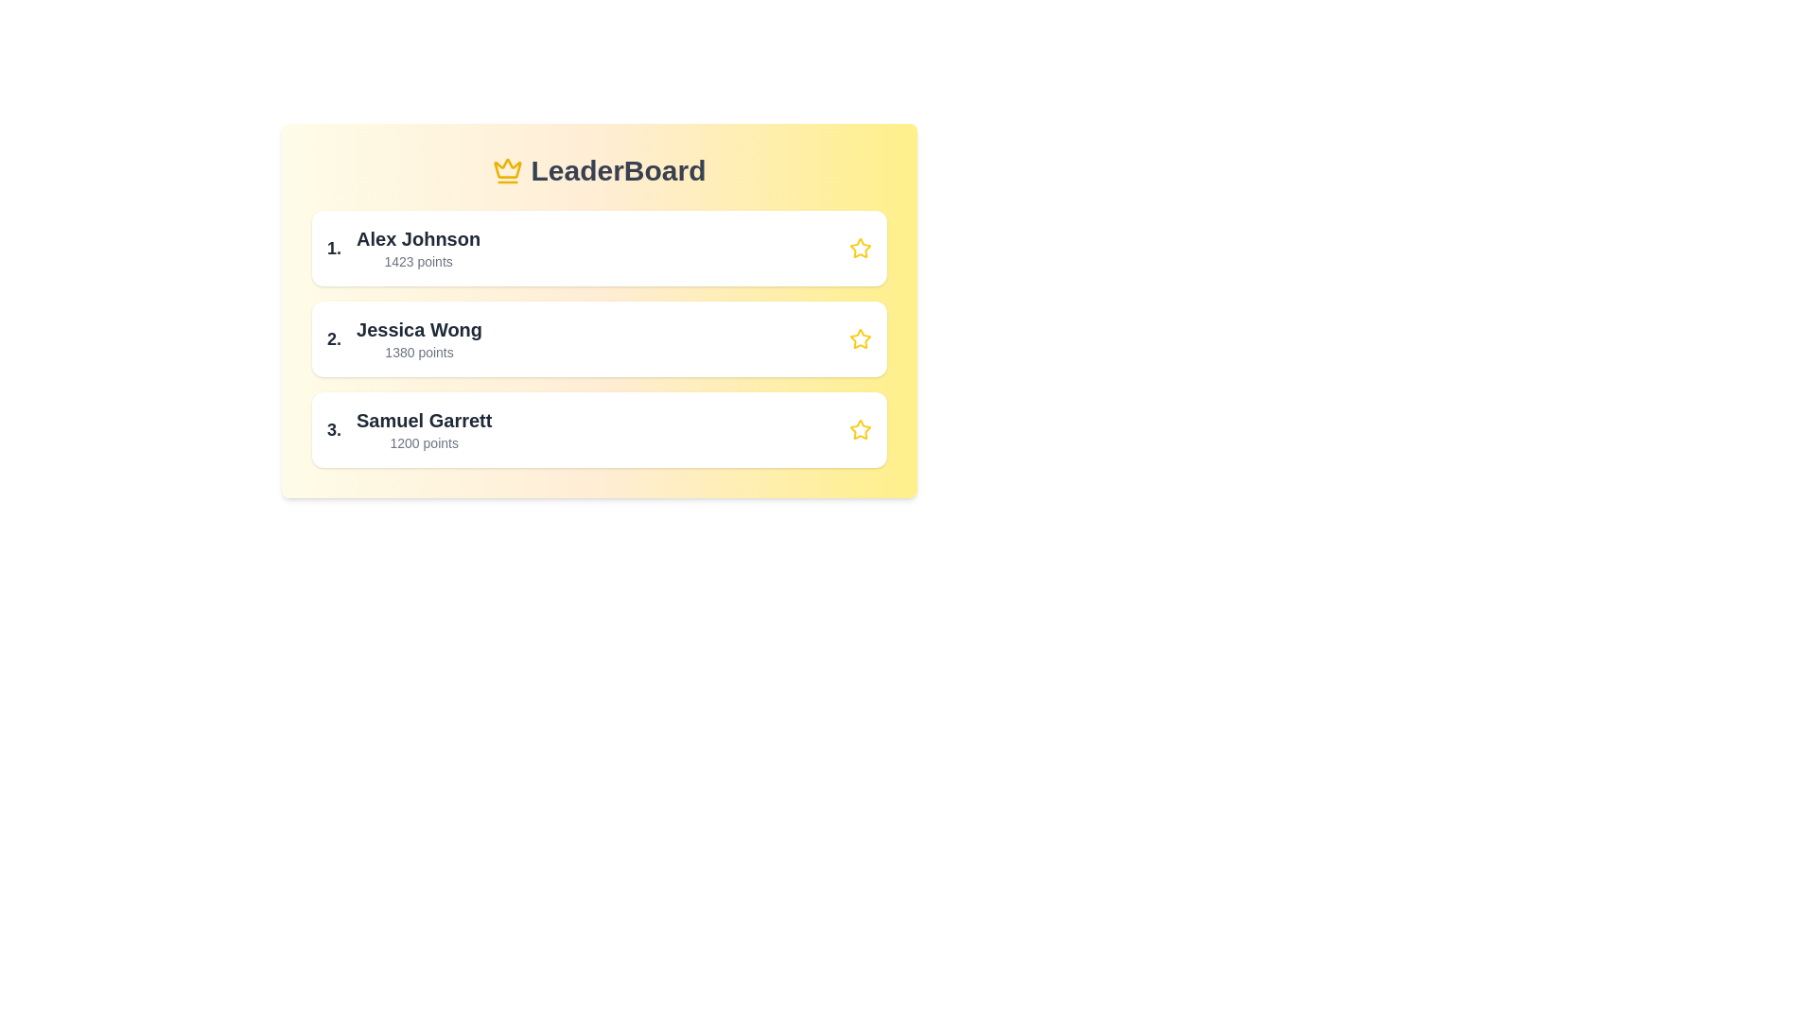  I want to click on star icon next to the player's name Jessica Wong, so click(860, 337).